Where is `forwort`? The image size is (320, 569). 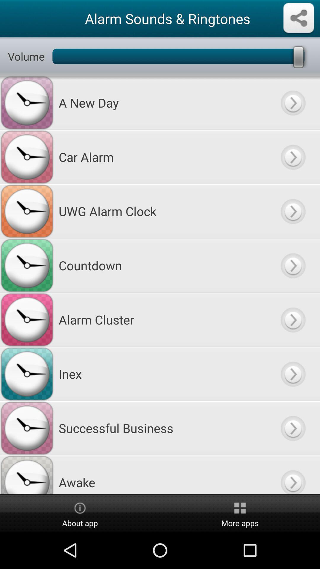 forwort is located at coordinates (292, 373).